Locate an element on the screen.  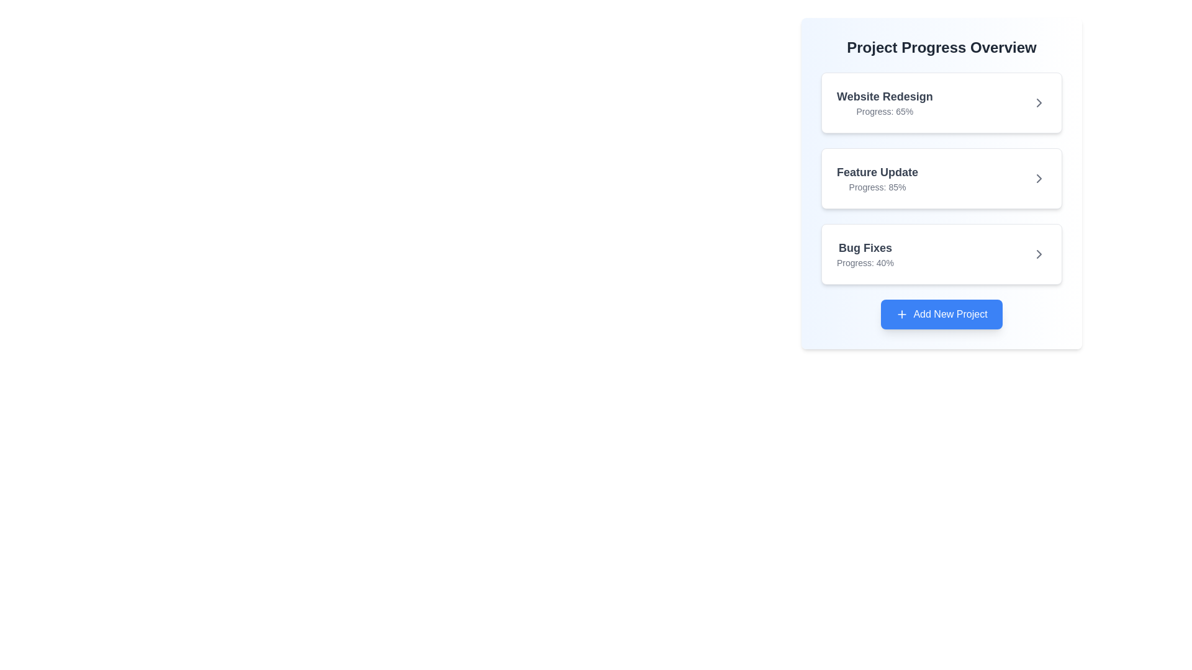
the right-pointing chevron icon button located next to the 'Feature Update' text and aligned with the 'Progress: 85%' text is located at coordinates (1039, 179).